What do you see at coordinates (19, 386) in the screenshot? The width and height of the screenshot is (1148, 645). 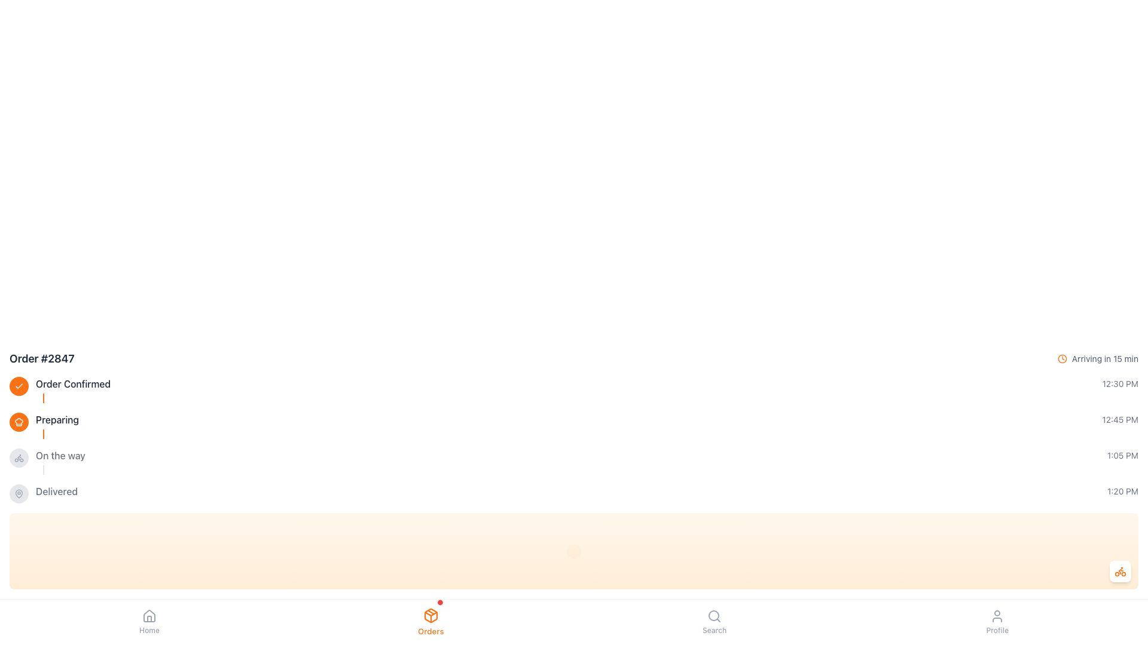 I see `status of the white checkmark icon inside the orange circular background, which indicates 'Order Confirmed'` at bounding box center [19, 386].